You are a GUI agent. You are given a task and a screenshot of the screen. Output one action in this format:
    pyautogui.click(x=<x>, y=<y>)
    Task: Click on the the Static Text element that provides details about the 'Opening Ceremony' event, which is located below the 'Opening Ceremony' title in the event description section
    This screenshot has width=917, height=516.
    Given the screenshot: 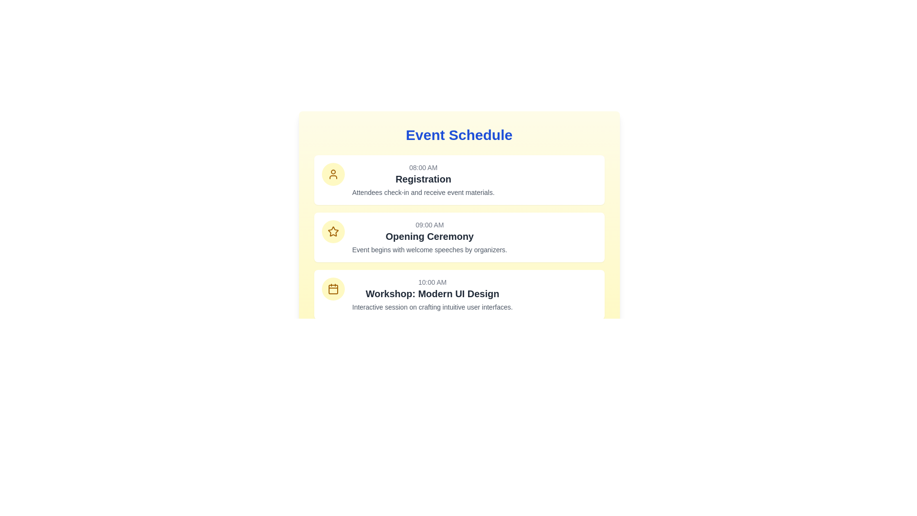 What is the action you would take?
    pyautogui.click(x=429, y=249)
    